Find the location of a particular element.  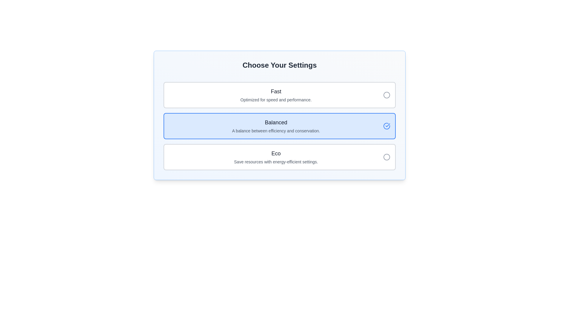

the 'Balanced' radio button option within the 'Choose Your Settings' section is located at coordinates (279, 126).